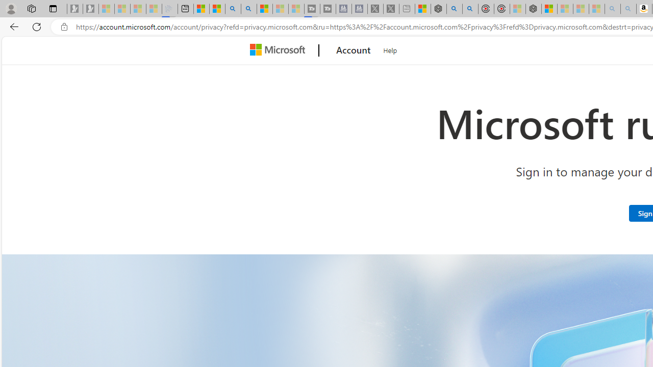 This screenshot has height=367, width=653. I want to click on 'amazon - Search - Sleeping', so click(612, 9).